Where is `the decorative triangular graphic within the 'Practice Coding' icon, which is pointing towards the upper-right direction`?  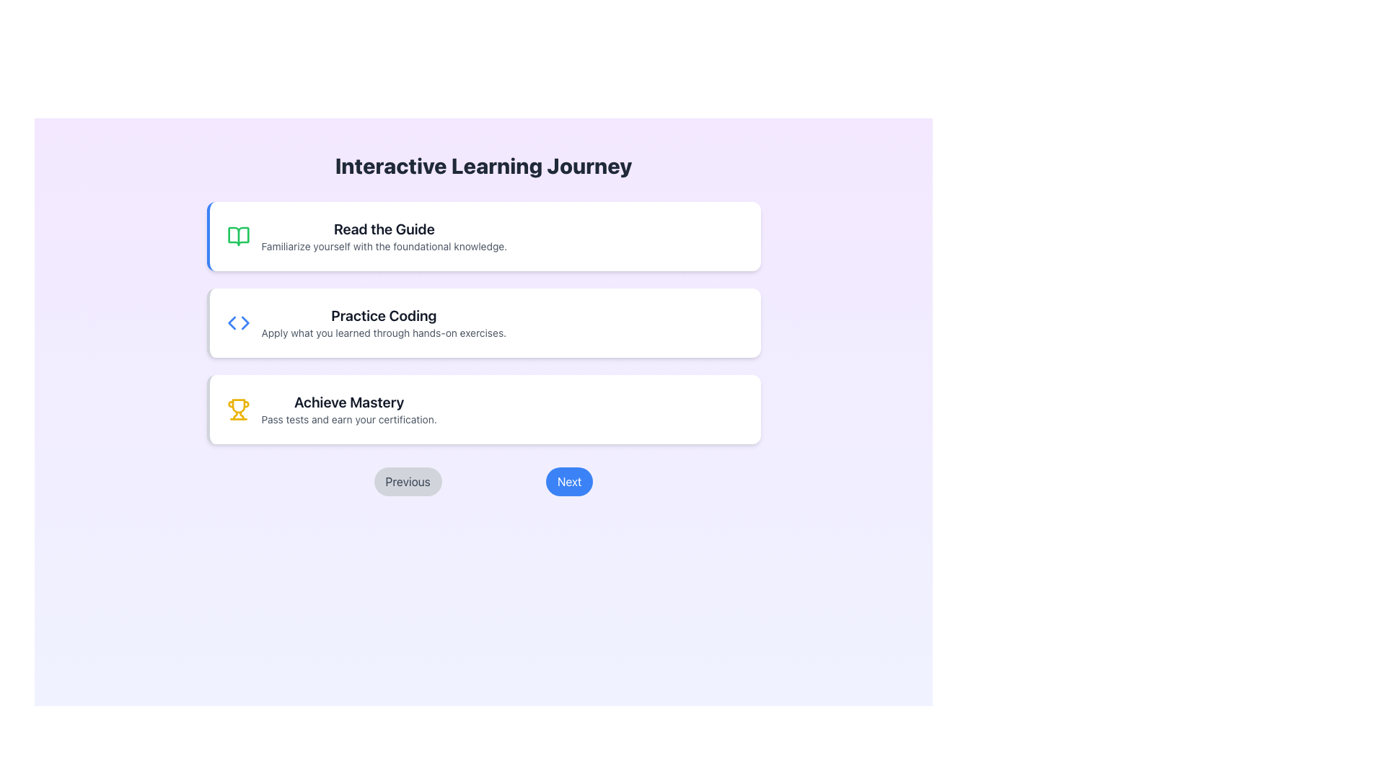 the decorative triangular graphic within the 'Practice Coding' icon, which is pointing towards the upper-right direction is located at coordinates (245, 322).